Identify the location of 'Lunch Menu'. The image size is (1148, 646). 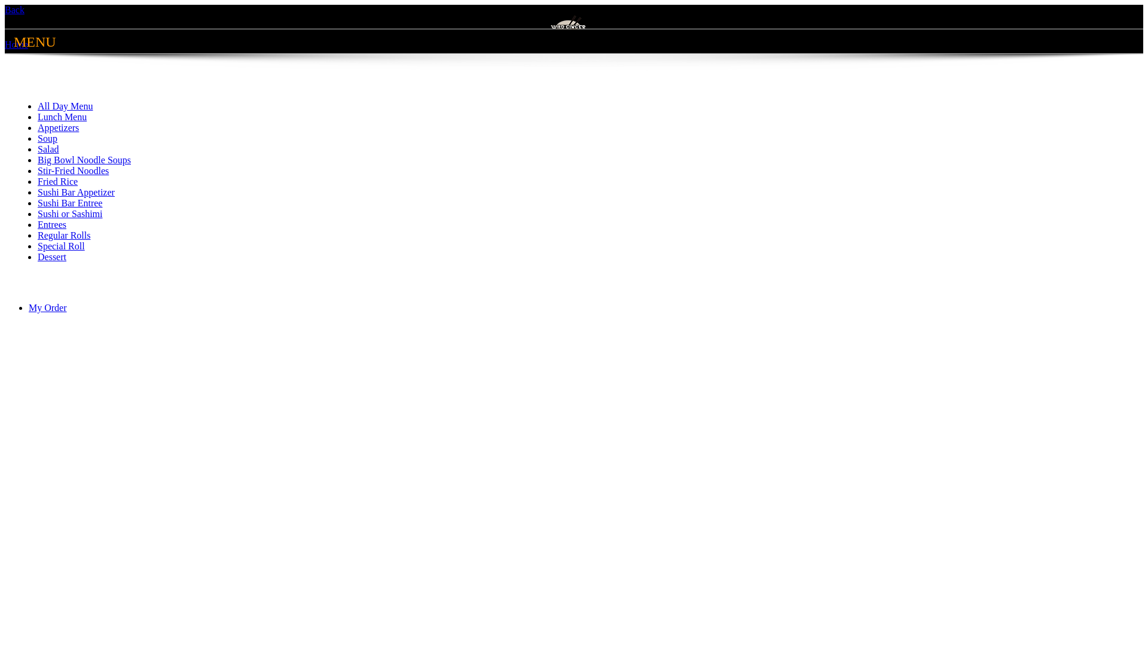
(62, 117).